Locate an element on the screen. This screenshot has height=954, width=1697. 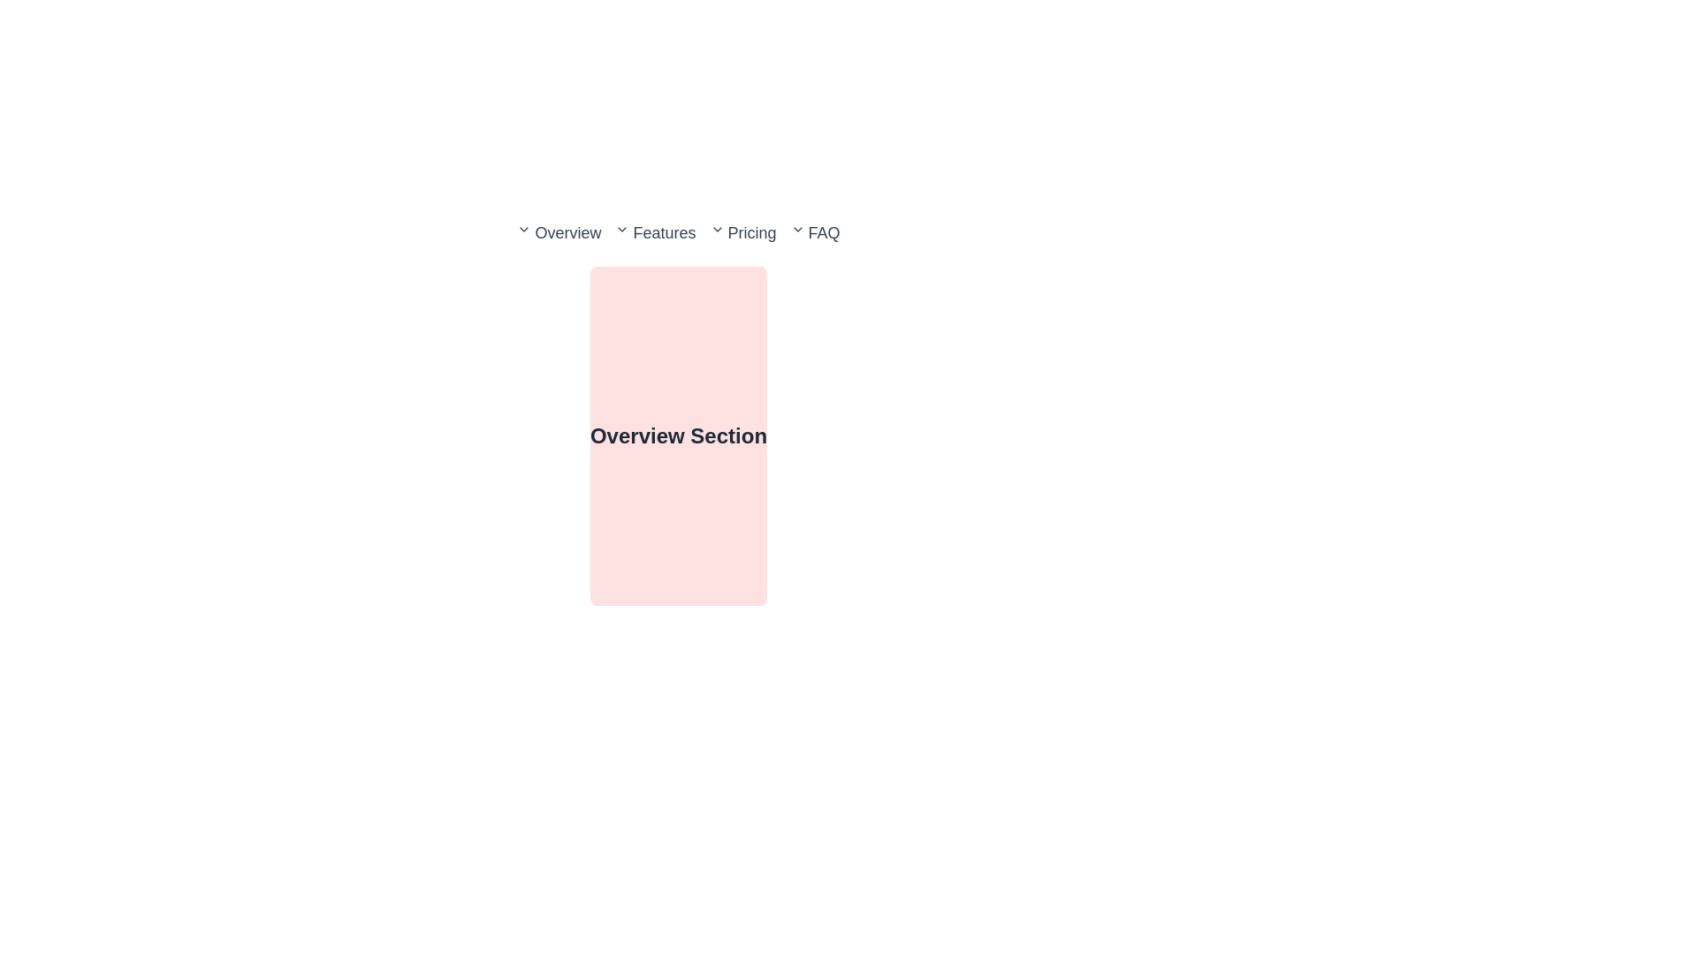
the third navigation link labeled 'Pricing' in the horizontal menu is located at coordinates (751, 231).